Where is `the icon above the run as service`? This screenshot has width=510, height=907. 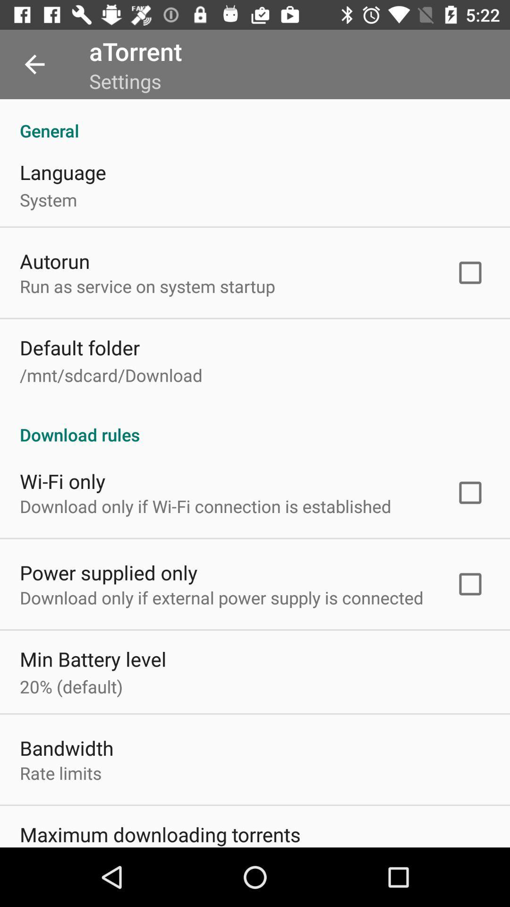
the icon above the run as service is located at coordinates (55, 261).